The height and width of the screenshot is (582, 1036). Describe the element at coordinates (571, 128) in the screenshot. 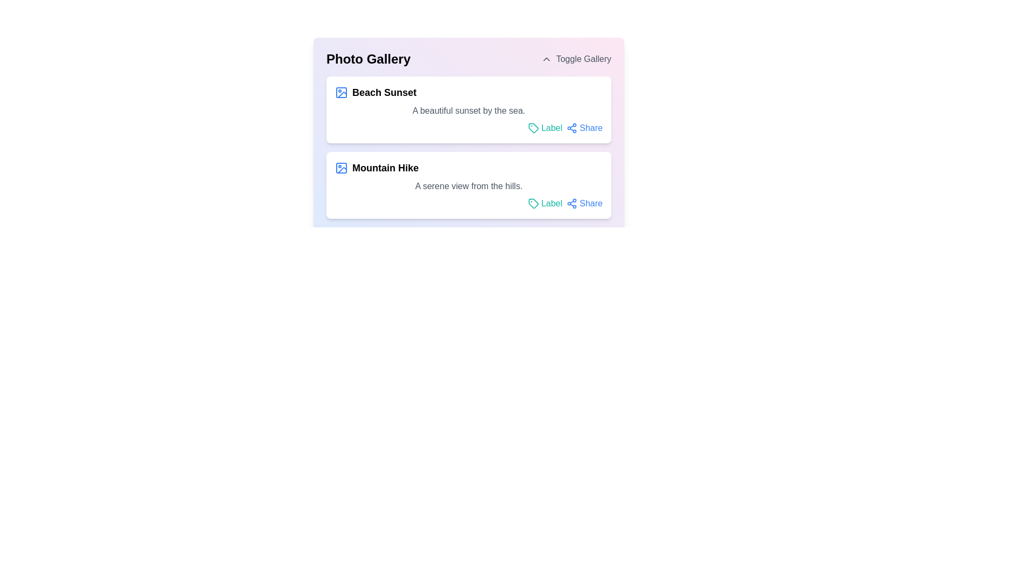

I see `the 'Share' icon located in the 'Beach Sunset' section of the 'Photo Gallery' interface to share the associated content` at that location.